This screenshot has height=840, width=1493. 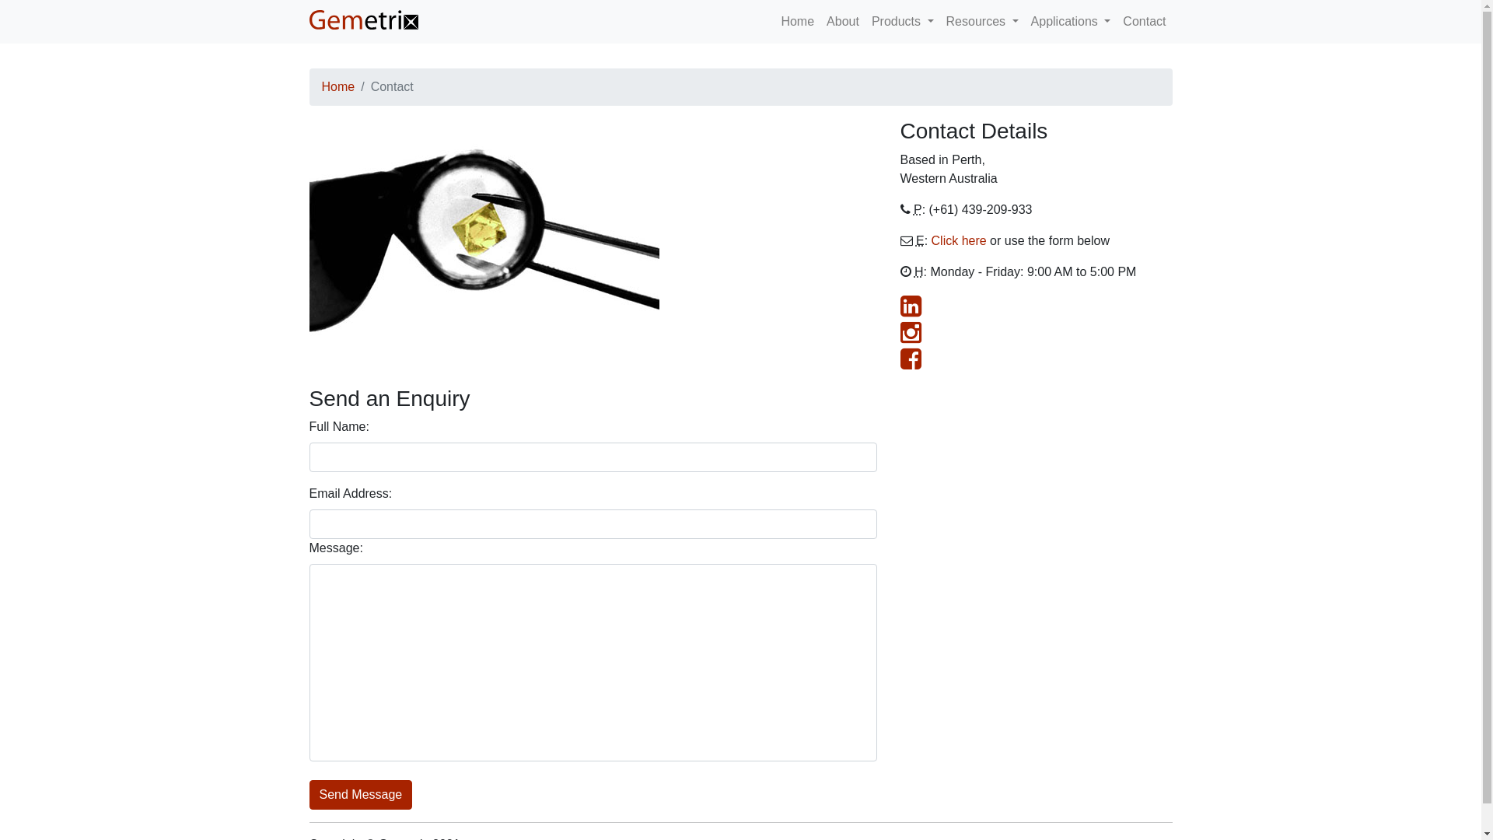 I want to click on 'About', so click(x=842, y=21).